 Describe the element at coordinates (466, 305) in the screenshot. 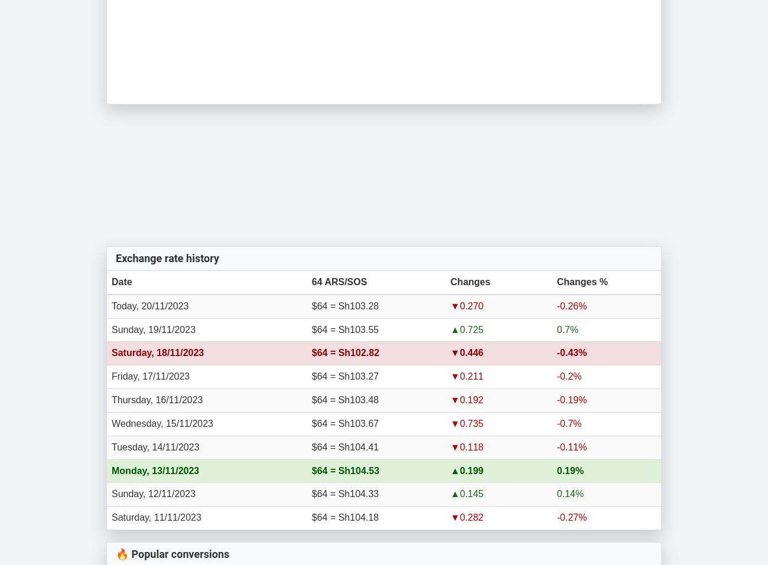

I see `'▼0.270'` at that location.